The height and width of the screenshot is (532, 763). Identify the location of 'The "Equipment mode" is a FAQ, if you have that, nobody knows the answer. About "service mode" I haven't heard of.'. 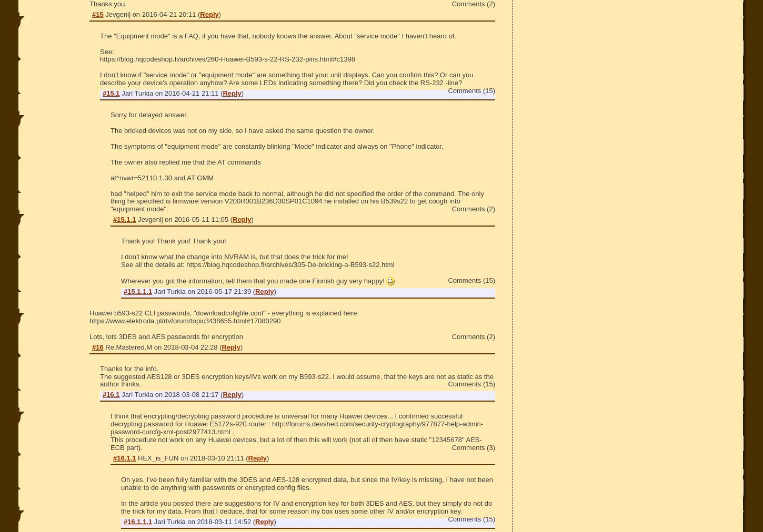
(278, 35).